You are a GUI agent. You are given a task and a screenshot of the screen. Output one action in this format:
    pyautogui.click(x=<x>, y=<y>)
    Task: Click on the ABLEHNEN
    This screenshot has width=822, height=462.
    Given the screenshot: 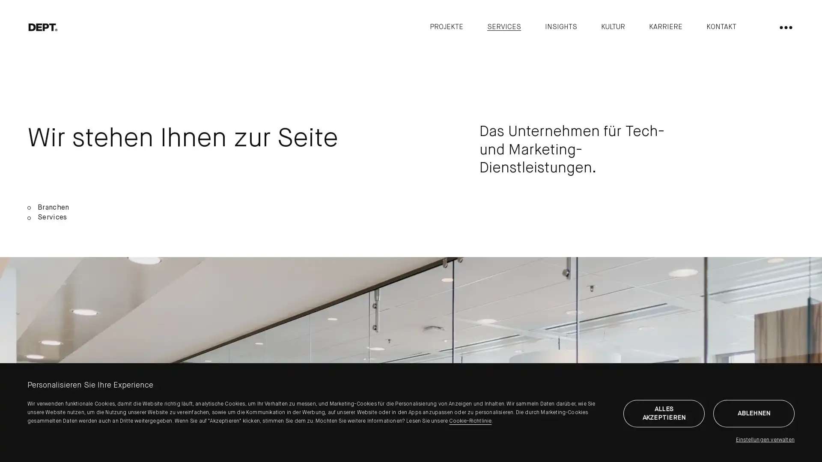 What is the action you would take?
    pyautogui.click(x=754, y=413)
    